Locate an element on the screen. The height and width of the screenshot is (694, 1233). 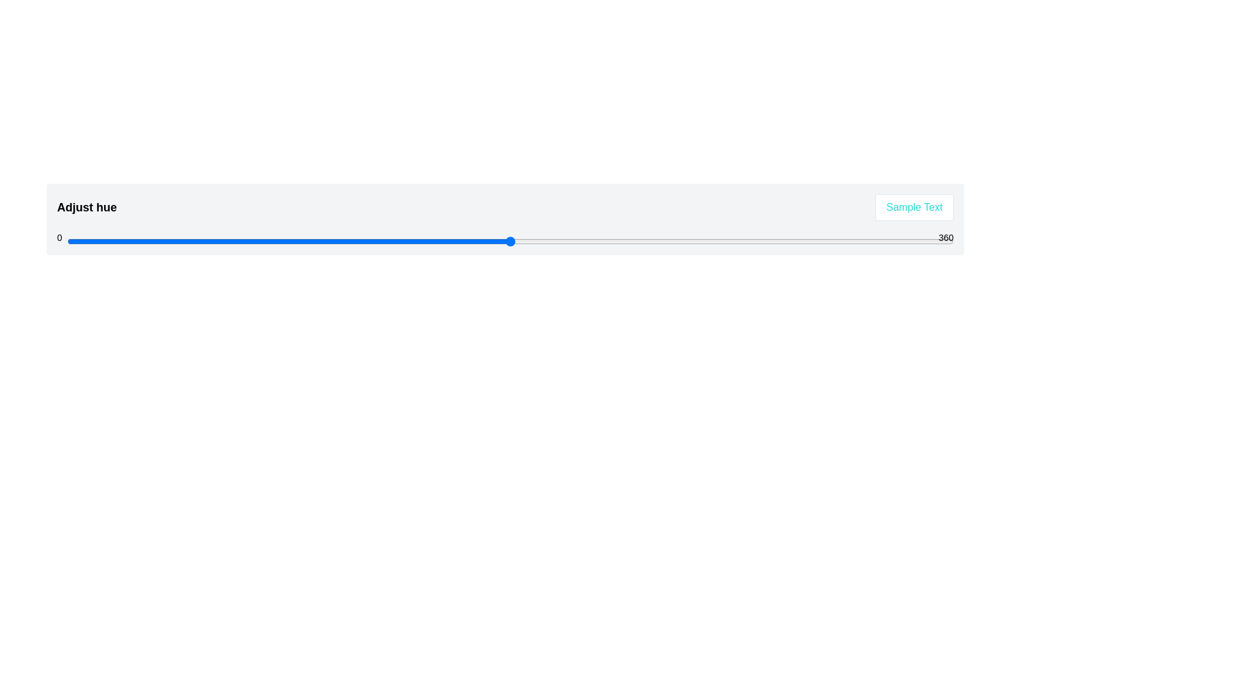
the hue slider to a value of 133 is located at coordinates (394, 241).